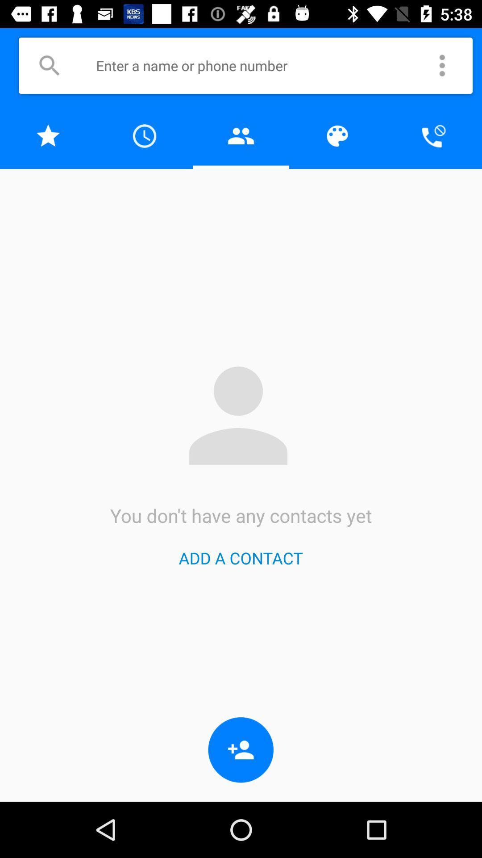 The height and width of the screenshot is (858, 482). Describe the element at coordinates (241, 135) in the screenshot. I see `talvez seja somente um problema` at that location.